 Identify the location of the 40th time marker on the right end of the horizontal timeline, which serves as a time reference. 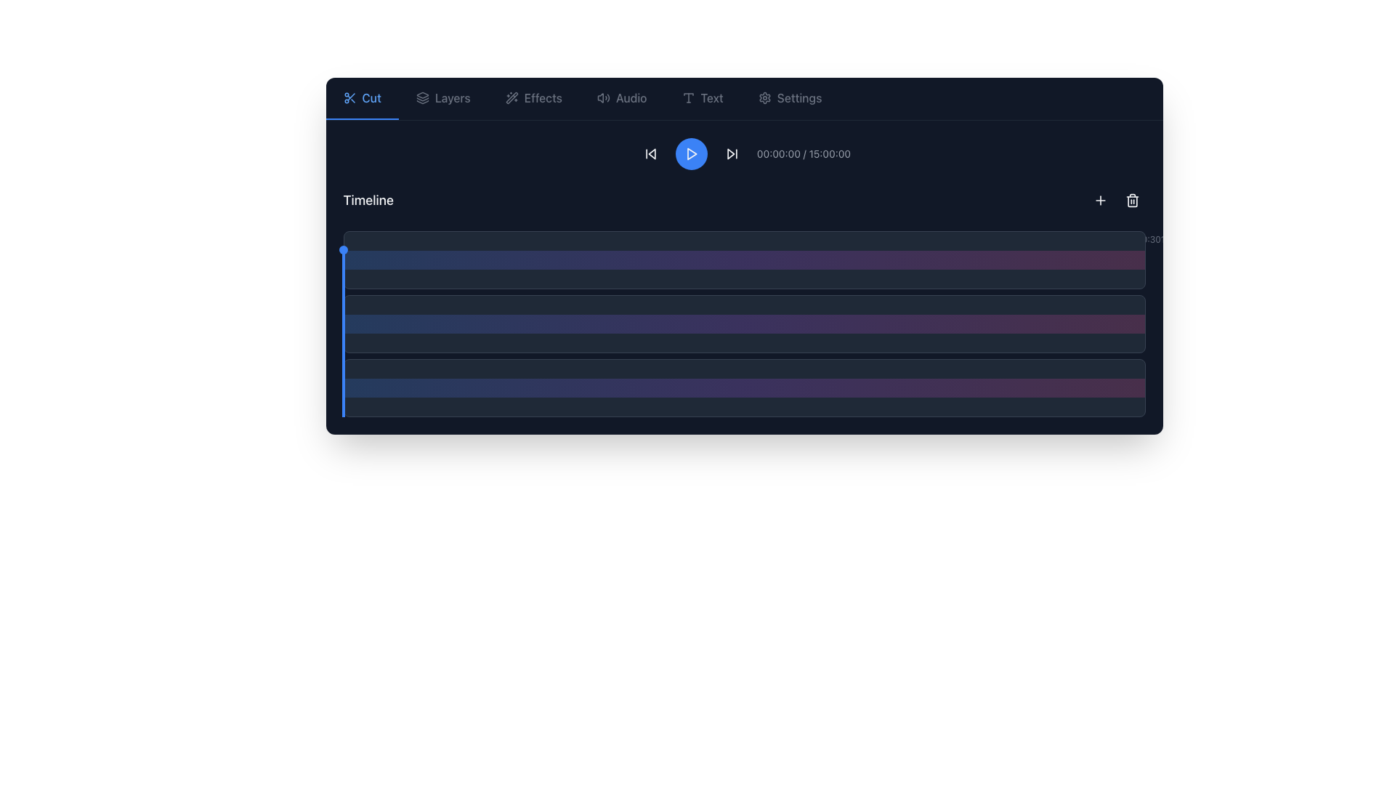
(1083, 239).